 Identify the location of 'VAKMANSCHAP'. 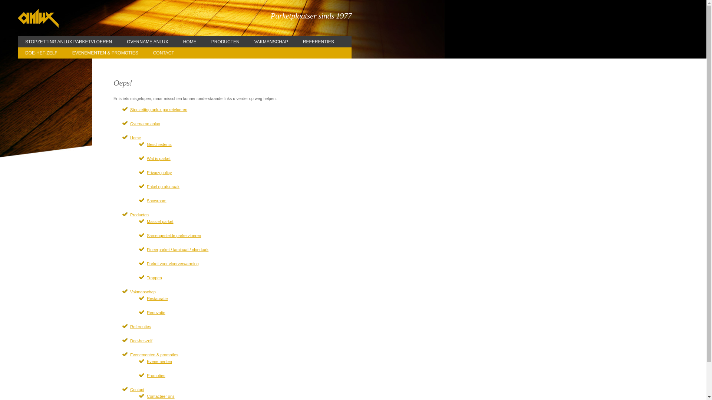
(271, 41).